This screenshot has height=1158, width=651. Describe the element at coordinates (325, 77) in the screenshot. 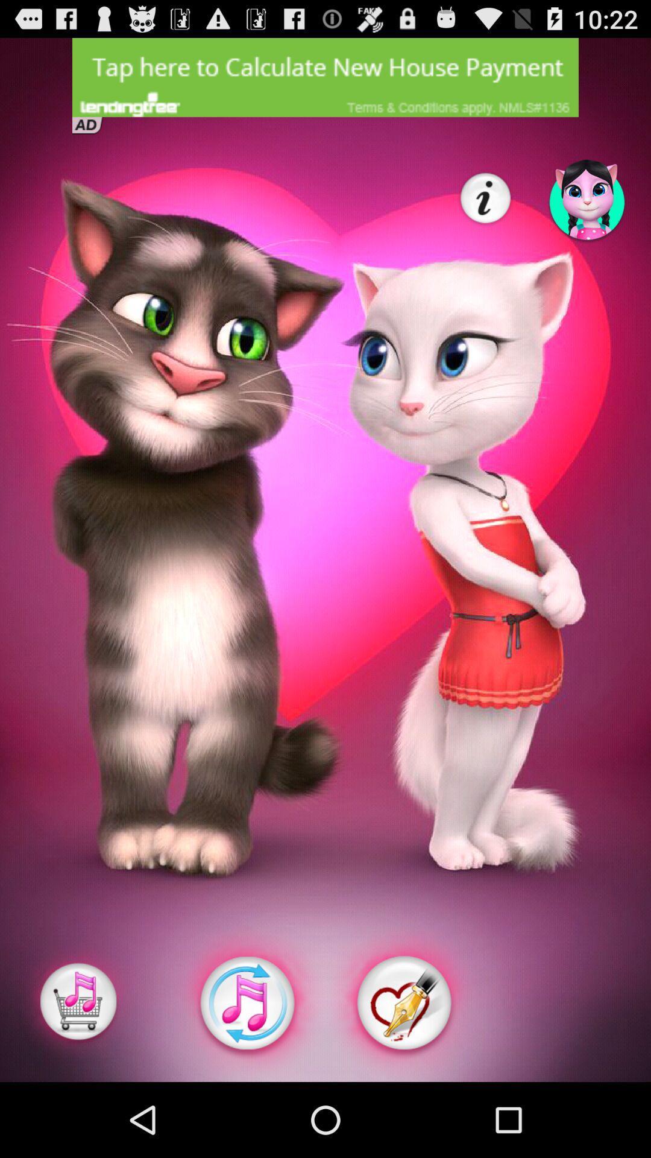

I see `click discriiption` at that location.